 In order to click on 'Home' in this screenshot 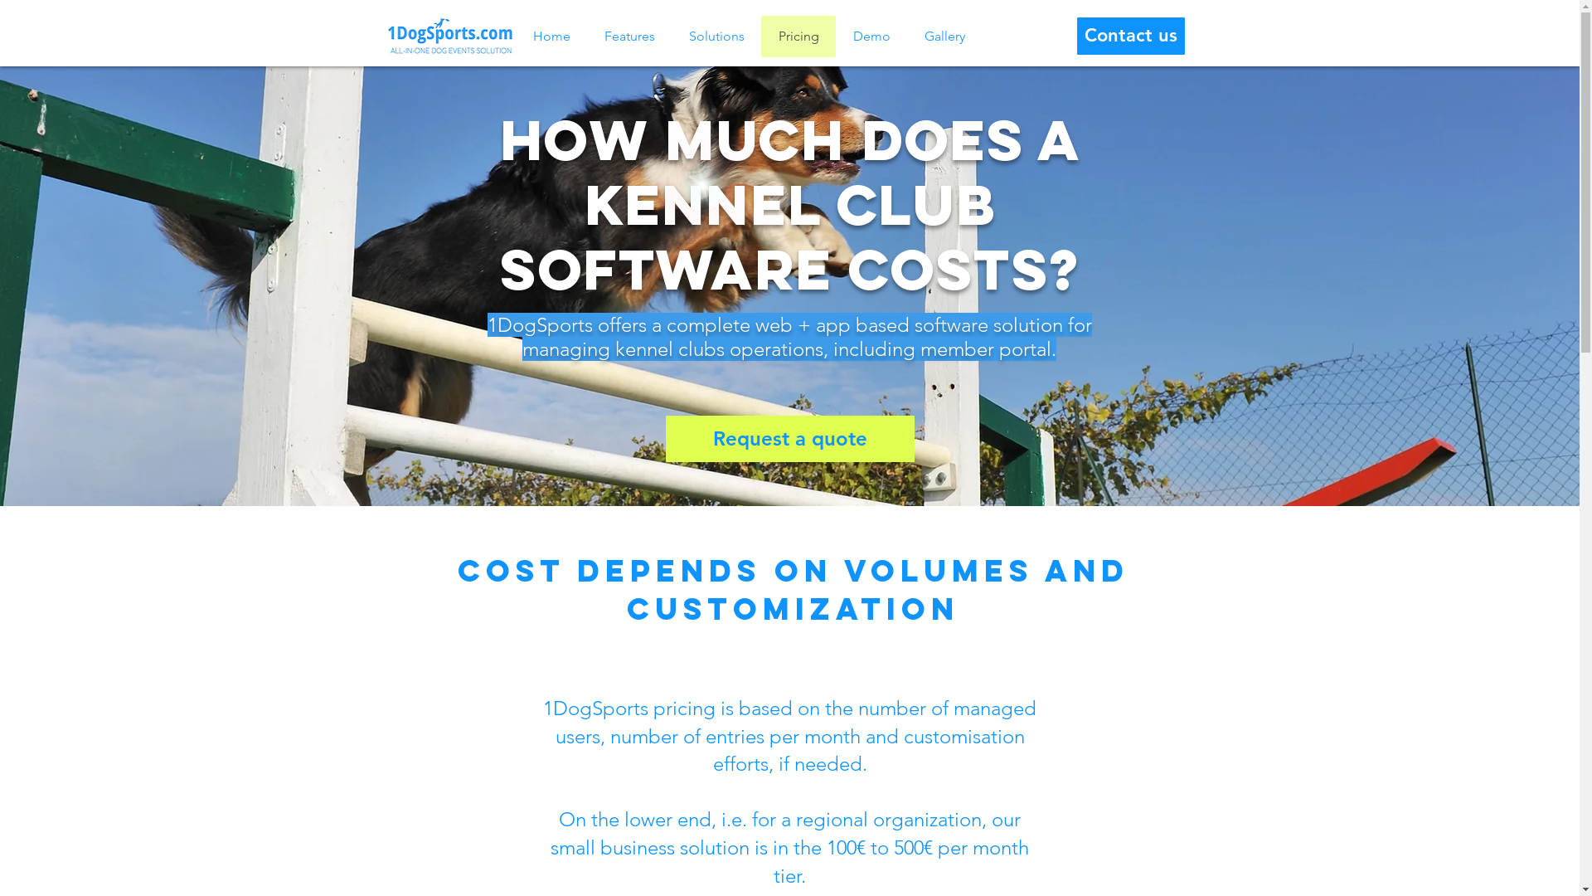, I will do `click(551, 36)`.